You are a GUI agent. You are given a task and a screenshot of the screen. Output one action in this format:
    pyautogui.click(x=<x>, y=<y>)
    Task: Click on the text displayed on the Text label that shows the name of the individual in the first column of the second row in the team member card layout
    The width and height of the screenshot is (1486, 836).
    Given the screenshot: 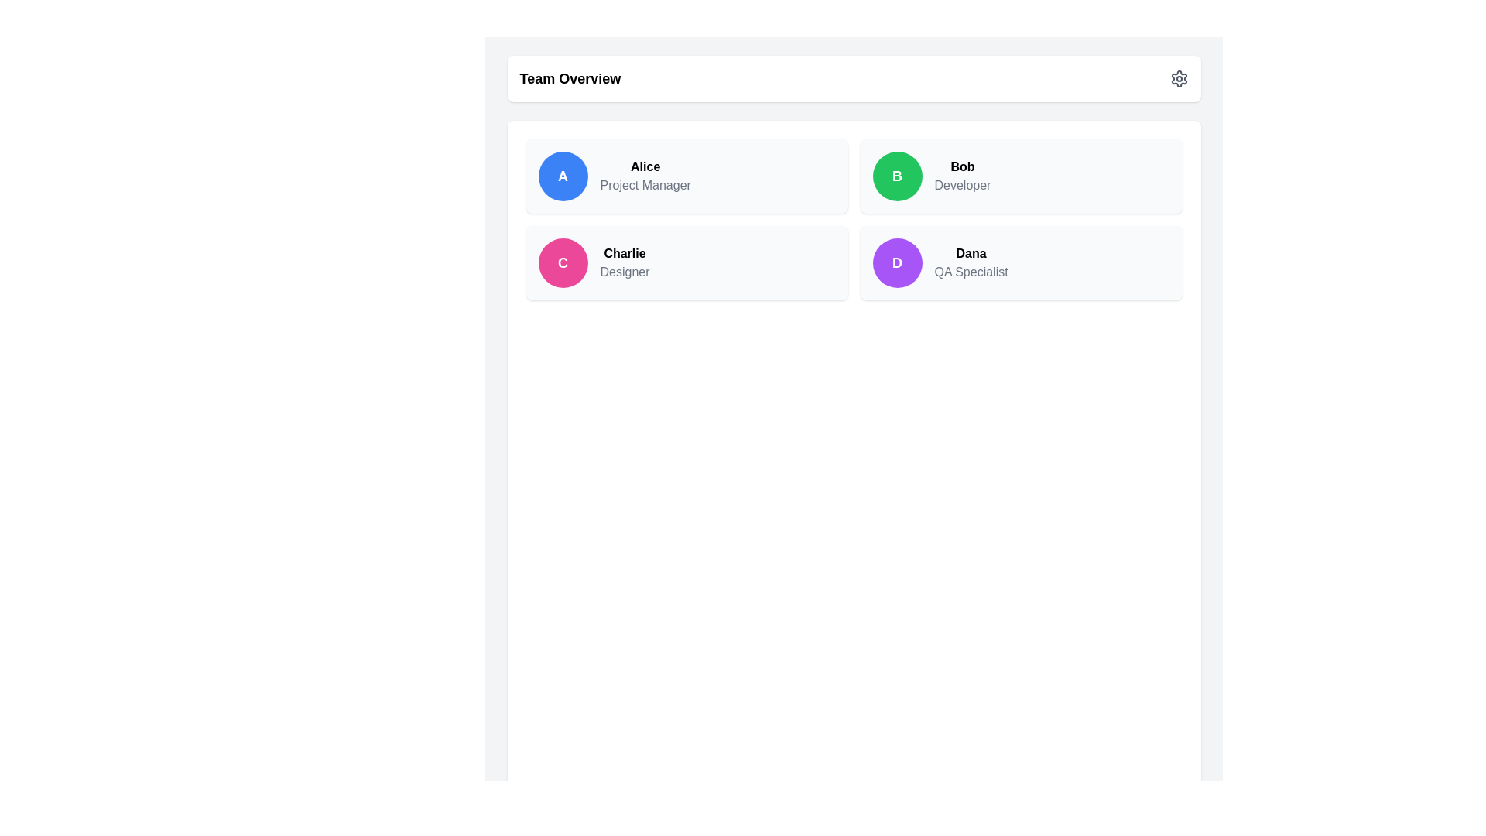 What is the action you would take?
    pyautogui.click(x=625, y=252)
    